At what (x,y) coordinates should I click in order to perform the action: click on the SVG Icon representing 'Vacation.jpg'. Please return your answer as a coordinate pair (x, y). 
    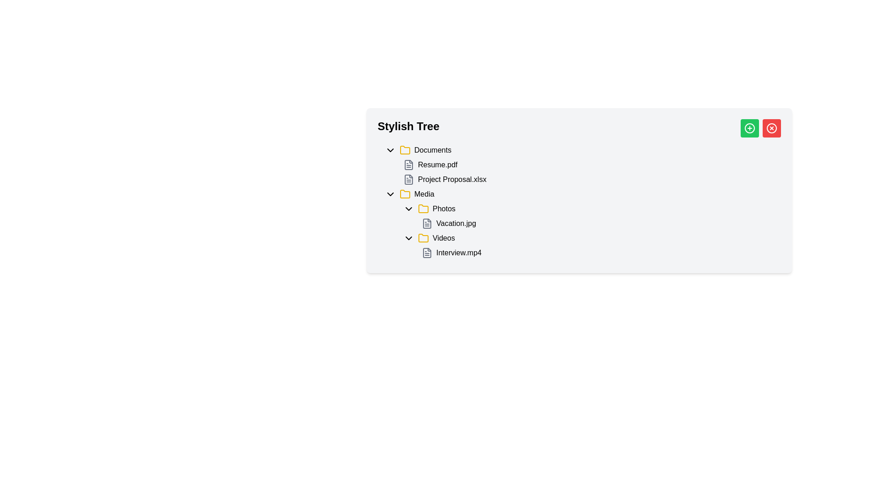
    Looking at the image, I should click on (426, 224).